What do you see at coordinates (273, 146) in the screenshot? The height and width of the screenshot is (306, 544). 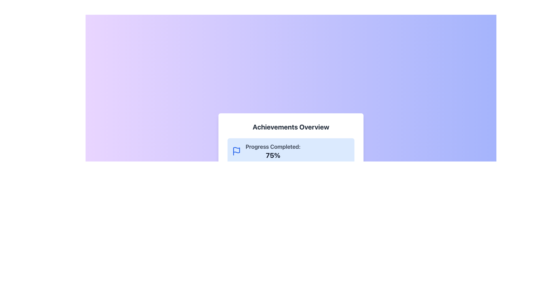 I see `the Text Label indicating the context or description of the numerical value '75%' in the 'Achievements Overview' card` at bounding box center [273, 146].